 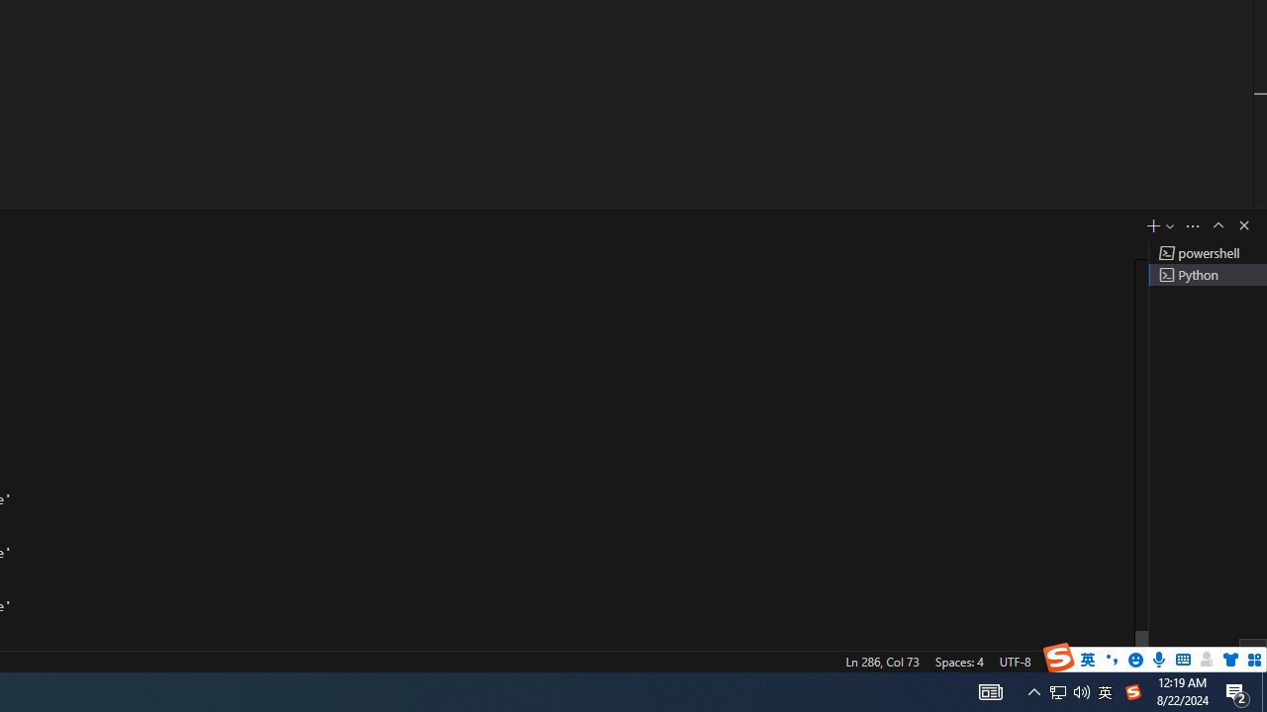 I want to click on 'Hide Panel', so click(x=1242, y=223).